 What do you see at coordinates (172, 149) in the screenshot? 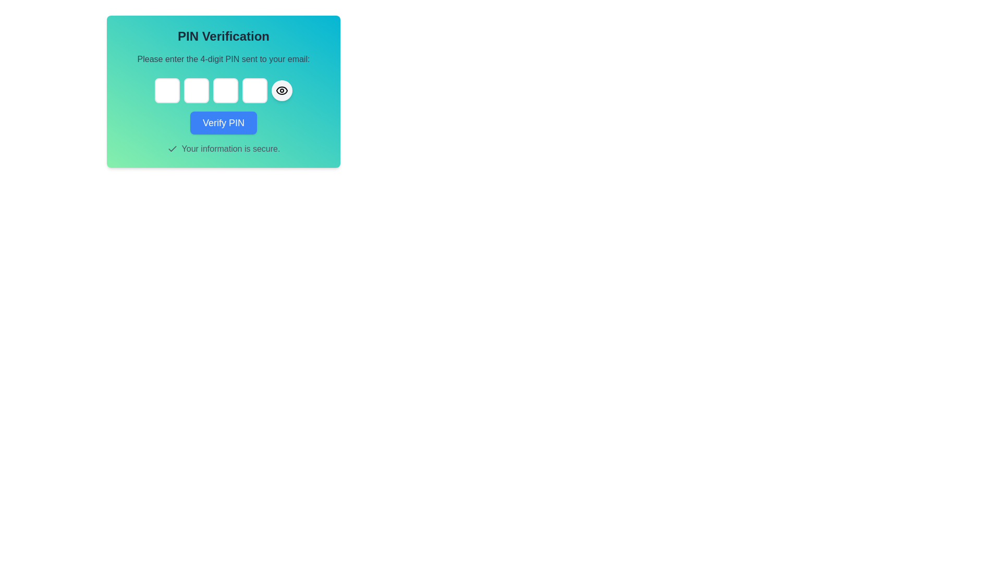
I see `the checkmark icon, which is a vector graphic with a minimalistic design located to the right of the 'Verify PIN' button` at bounding box center [172, 149].